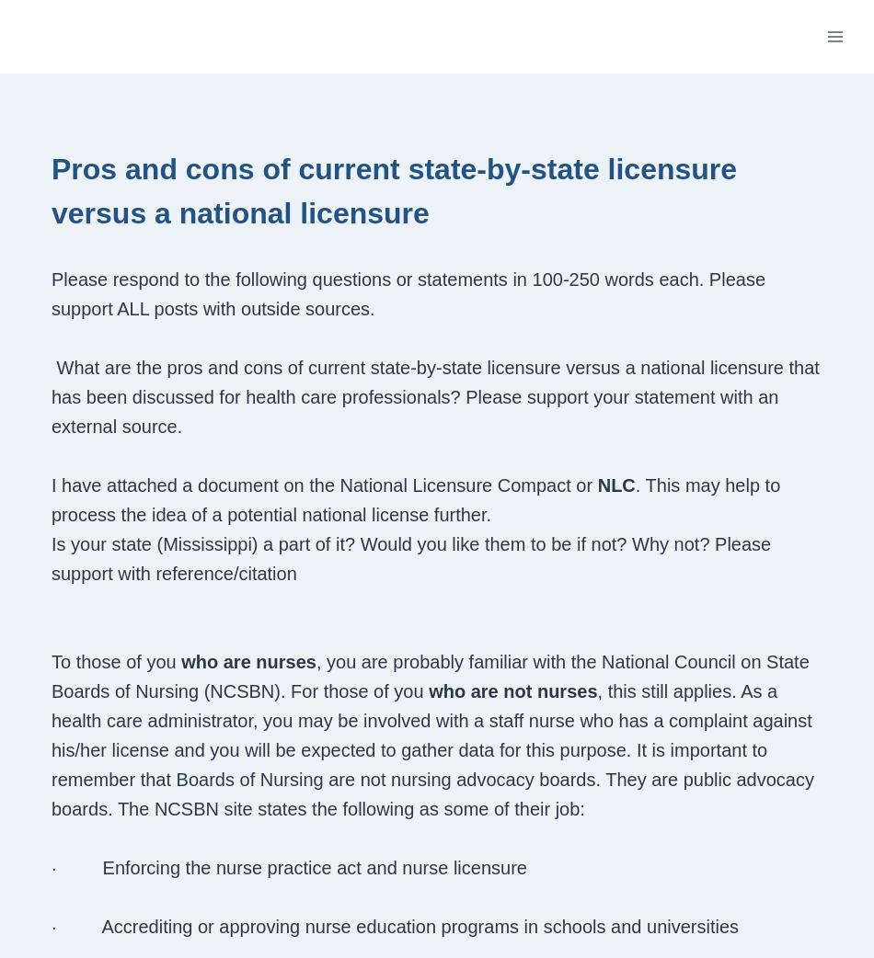  What do you see at coordinates (431, 749) in the screenshot?
I see `', this still applies. As a health care administrator, you may be involved with a staff nurse who has a complaint against his/her license and you will be expected to gather data for this purpose. It is important to remember that Boards of Nursing are not nursing advocacy boards. They are public advocacy boards. The NCSBN site states the following as some of their job:'` at bounding box center [431, 749].